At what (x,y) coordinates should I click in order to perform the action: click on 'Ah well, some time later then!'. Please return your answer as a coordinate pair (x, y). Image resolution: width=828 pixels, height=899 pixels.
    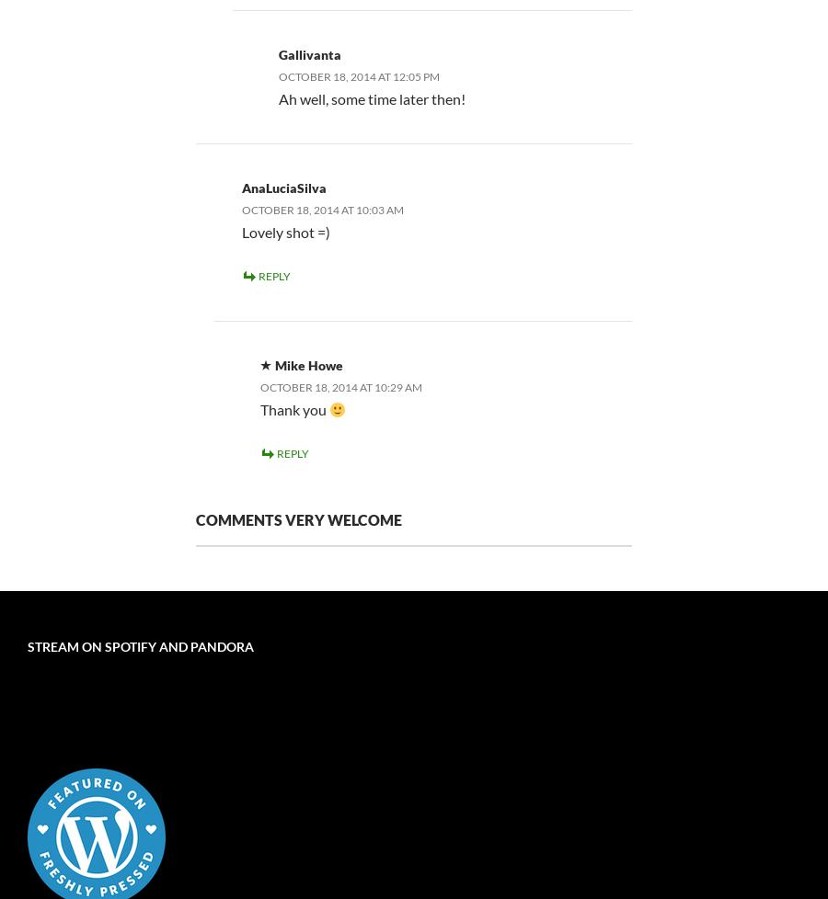
    Looking at the image, I should click on (372, 97).